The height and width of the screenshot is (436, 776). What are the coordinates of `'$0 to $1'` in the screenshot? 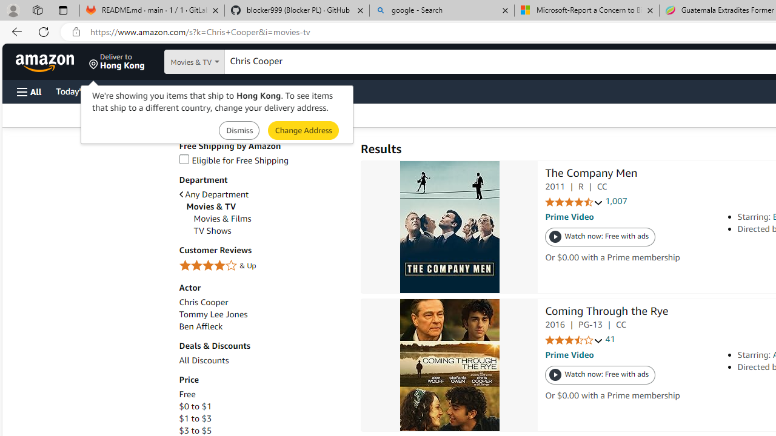 It's located at (263, 406).